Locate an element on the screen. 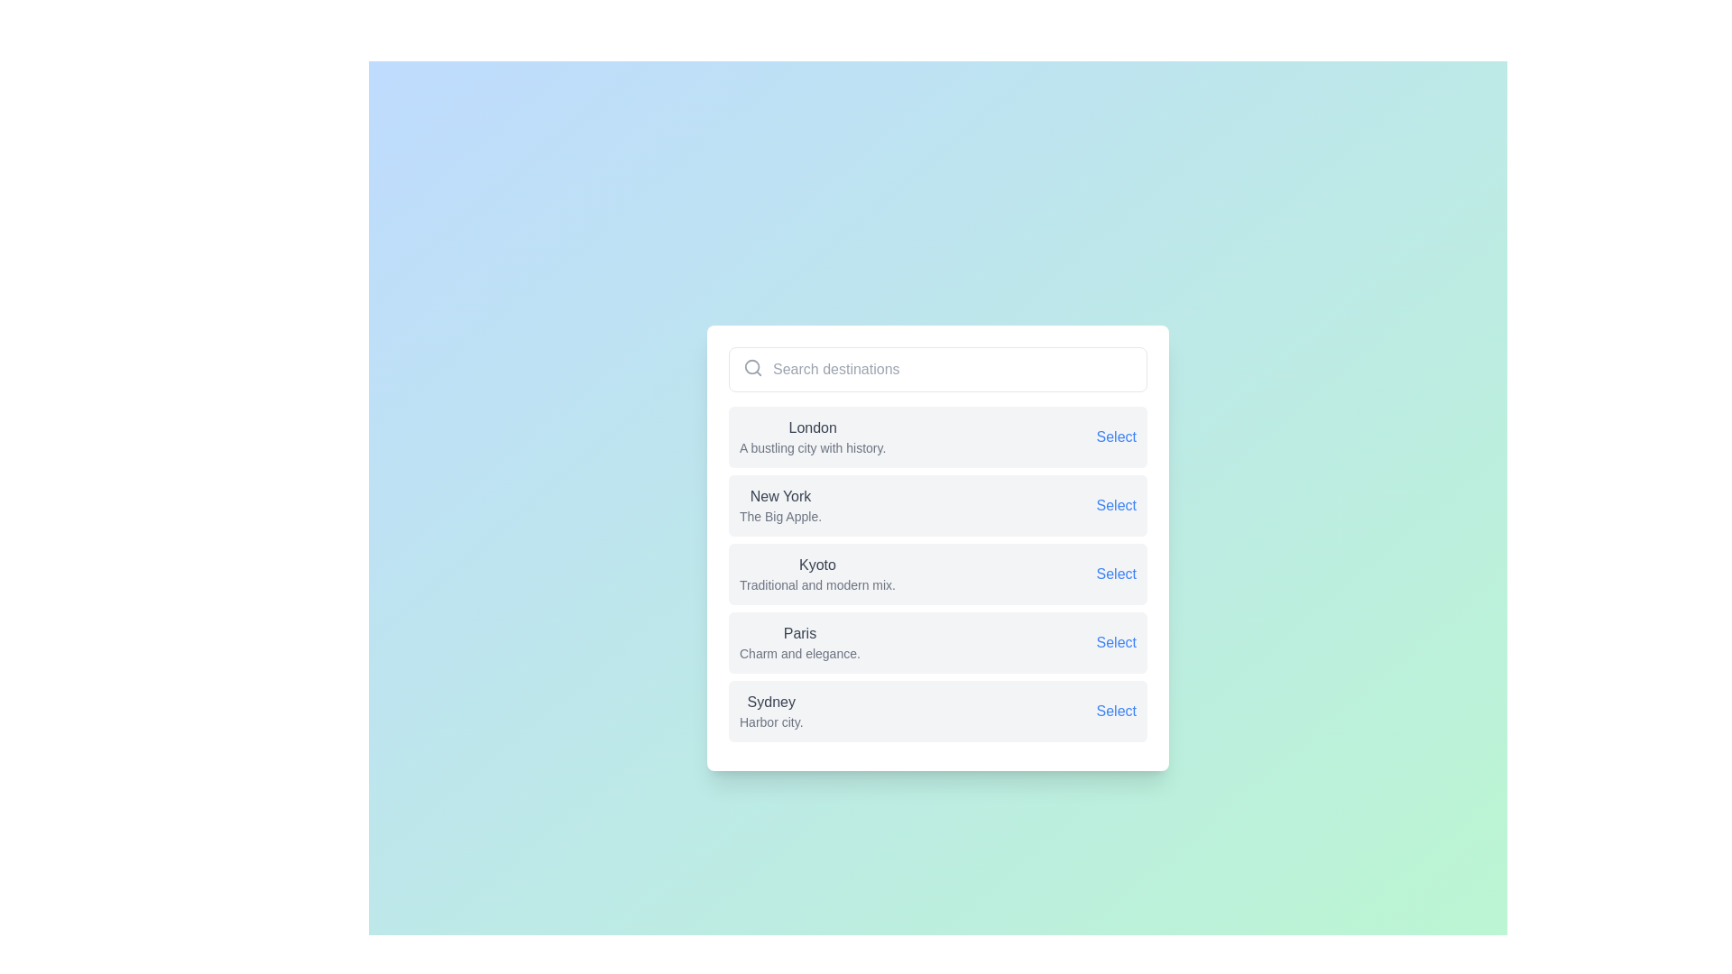  the third list item component that provides information about the city 'Kyoto' is located at coordinates (938, 574).